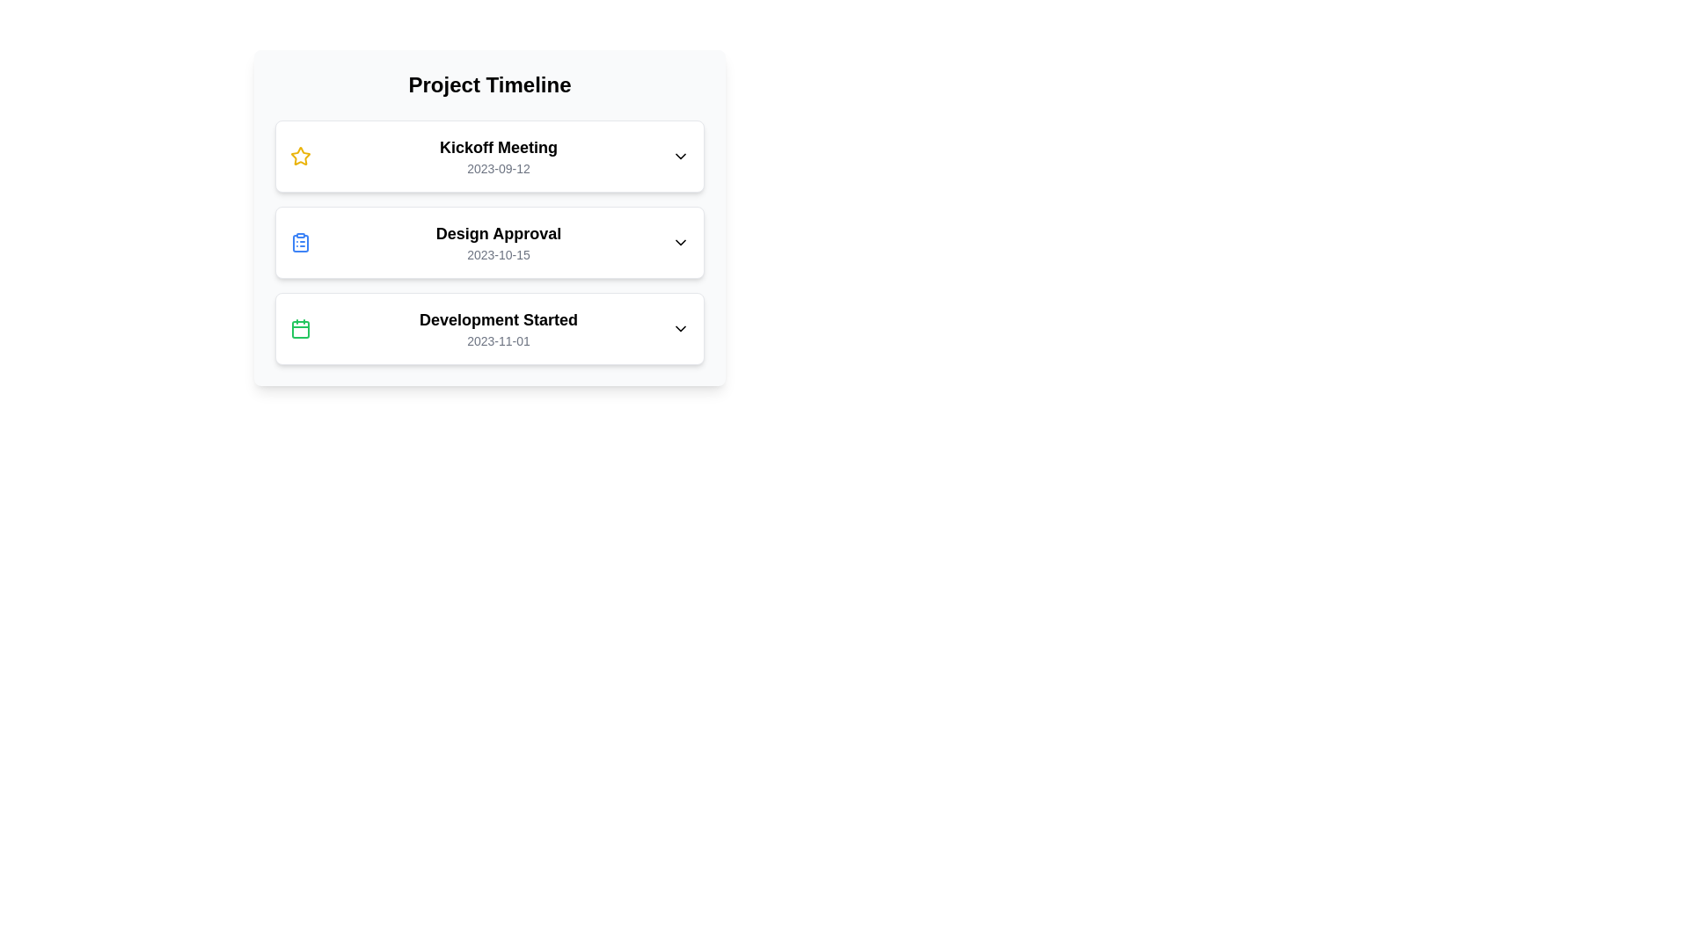 Image resolution: width=1689 pixels, height=950 pixels. Describe the element at coordinates (489, 243) in the screenshot. I see `the second horizontal list item that displays a title and date related to a project milestone or event` at that location.